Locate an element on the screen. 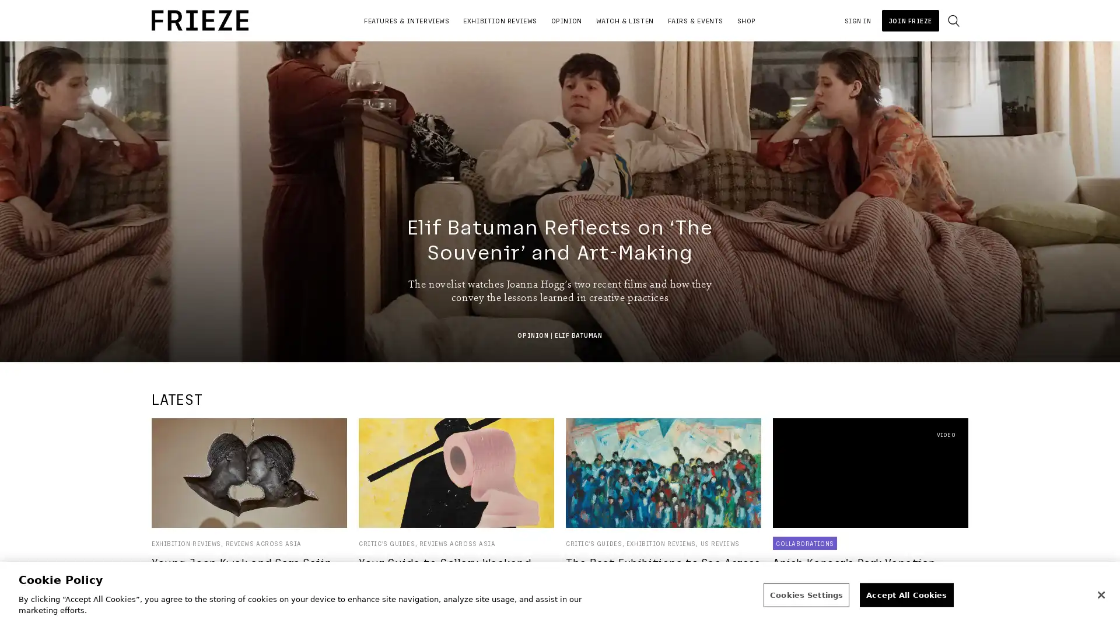 The width and height of the screenshot is (1120, 630). Accept All Cookies is located at coordinates (906, 594).